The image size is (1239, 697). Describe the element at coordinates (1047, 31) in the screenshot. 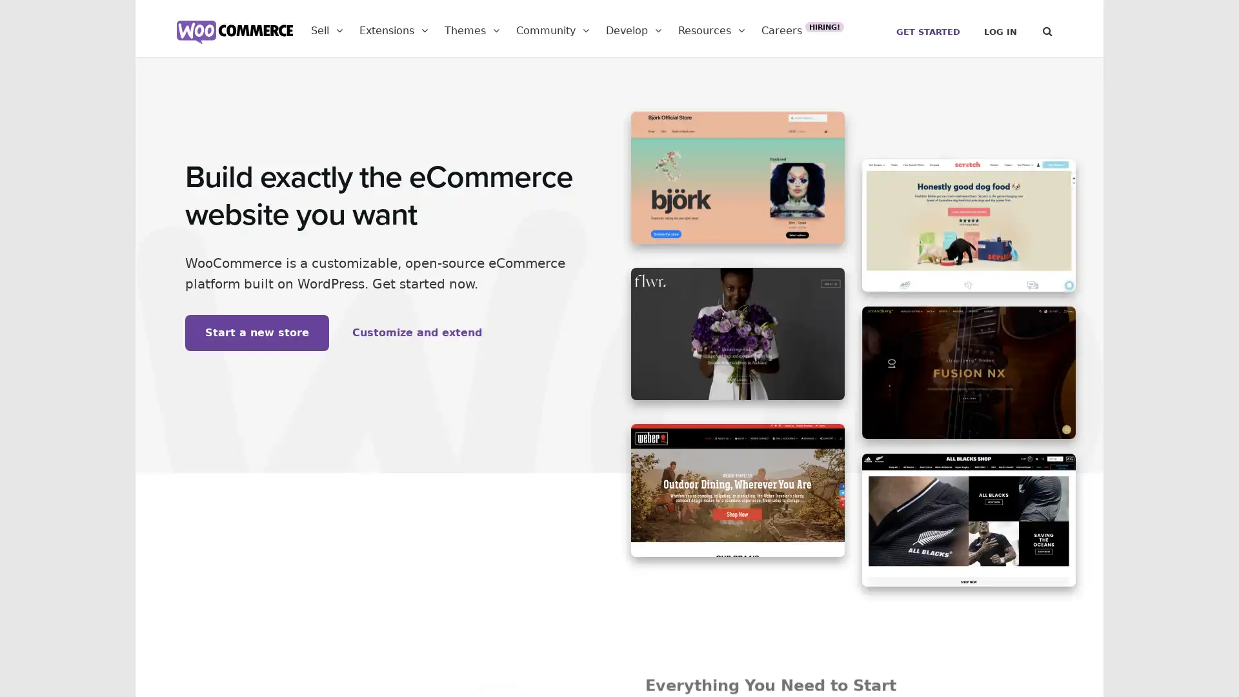

I see `Search` at that location.